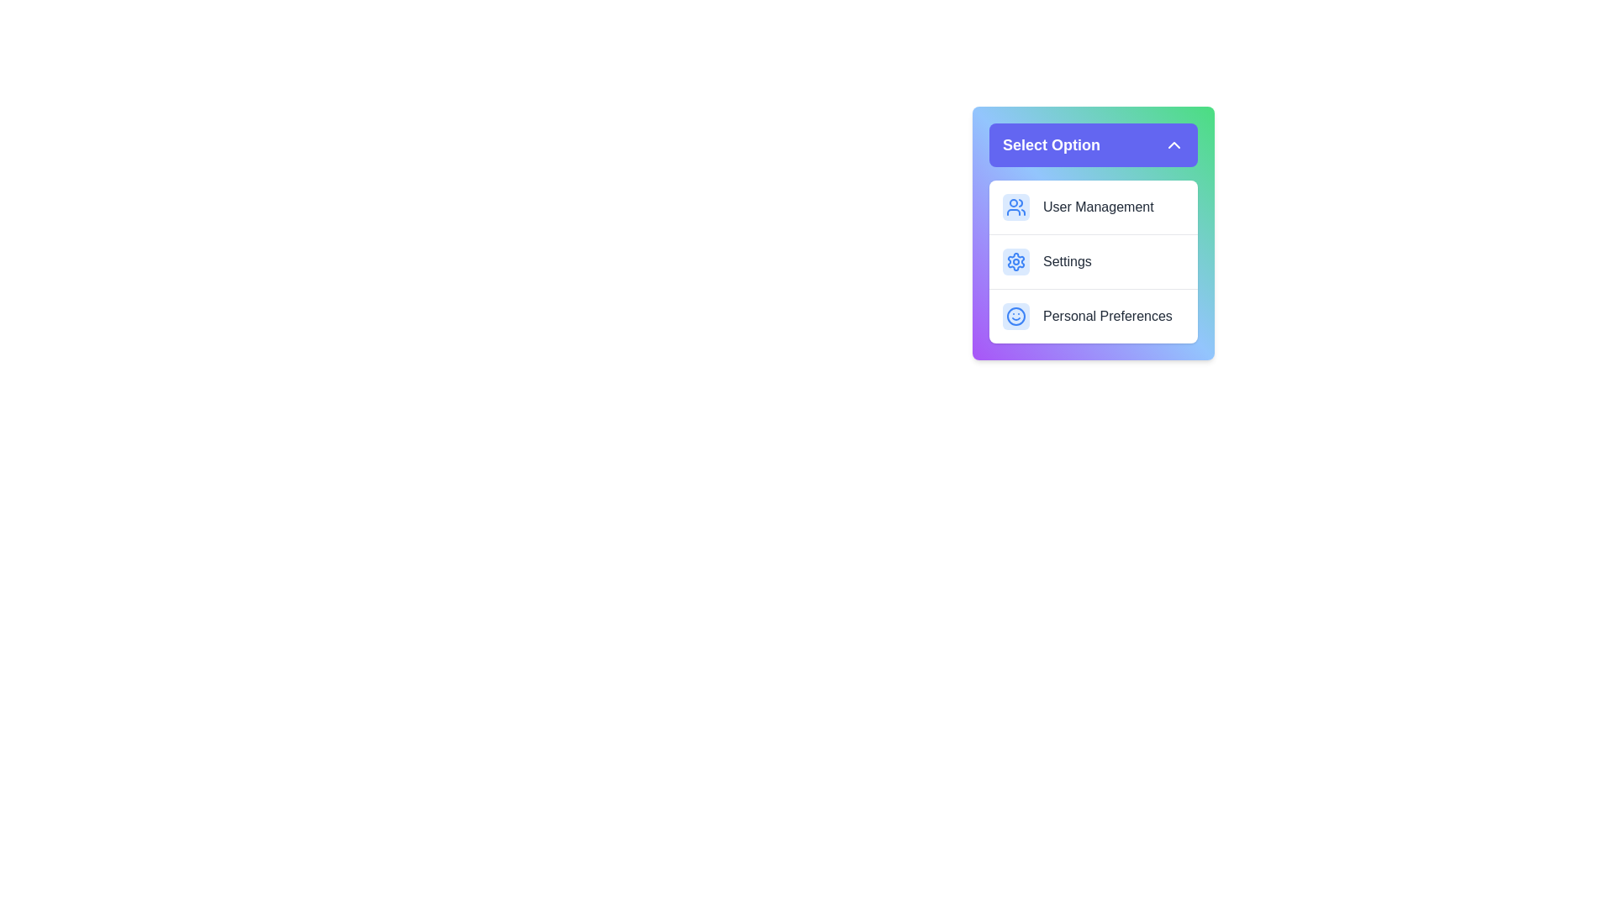  What do you see at coordinates (1015, 262) in the screenshot?
I see `the circular blue icon with a gear symbol` at bounding box center [1015, 262].